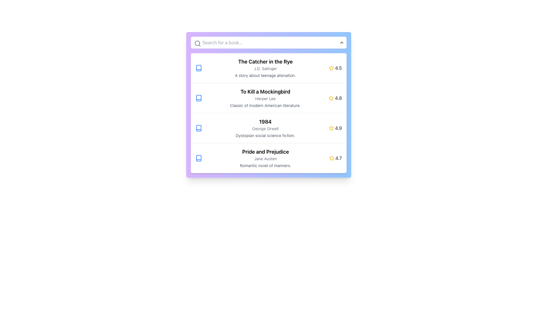  I want to click on the Rating Display for 'The Catcher in the Rye', so click(335, 68).